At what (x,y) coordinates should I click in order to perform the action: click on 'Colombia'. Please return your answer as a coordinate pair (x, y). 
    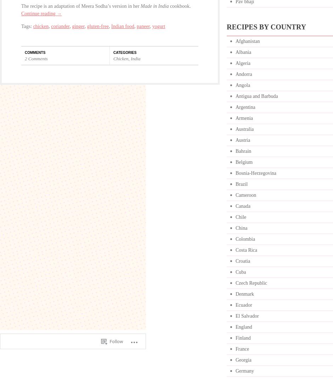
    Looking at the image, I should click on (245, 239).